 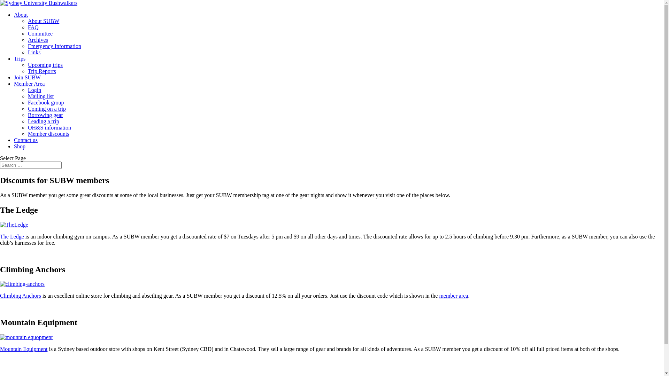 What do you see at coordinates (28, 21) in the screenshot?
I see `'About SUBW'` at bounding box center [28, 21].